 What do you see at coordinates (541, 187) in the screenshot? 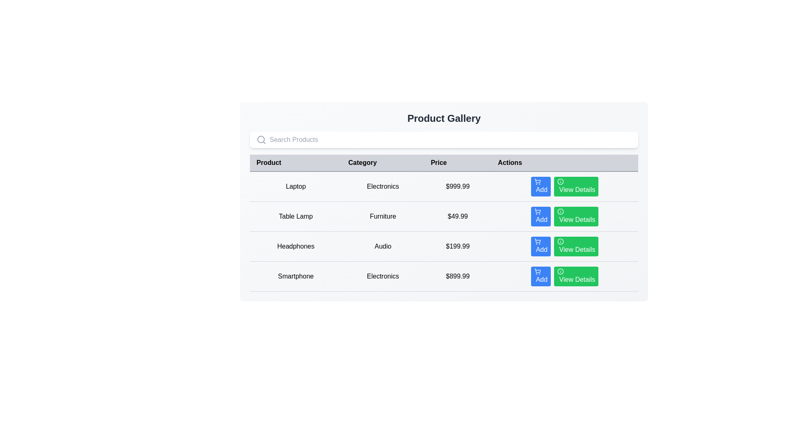
I see `the square blue button labeled 'Add' with a shopping cart icon` at bounding box center [541, 187].